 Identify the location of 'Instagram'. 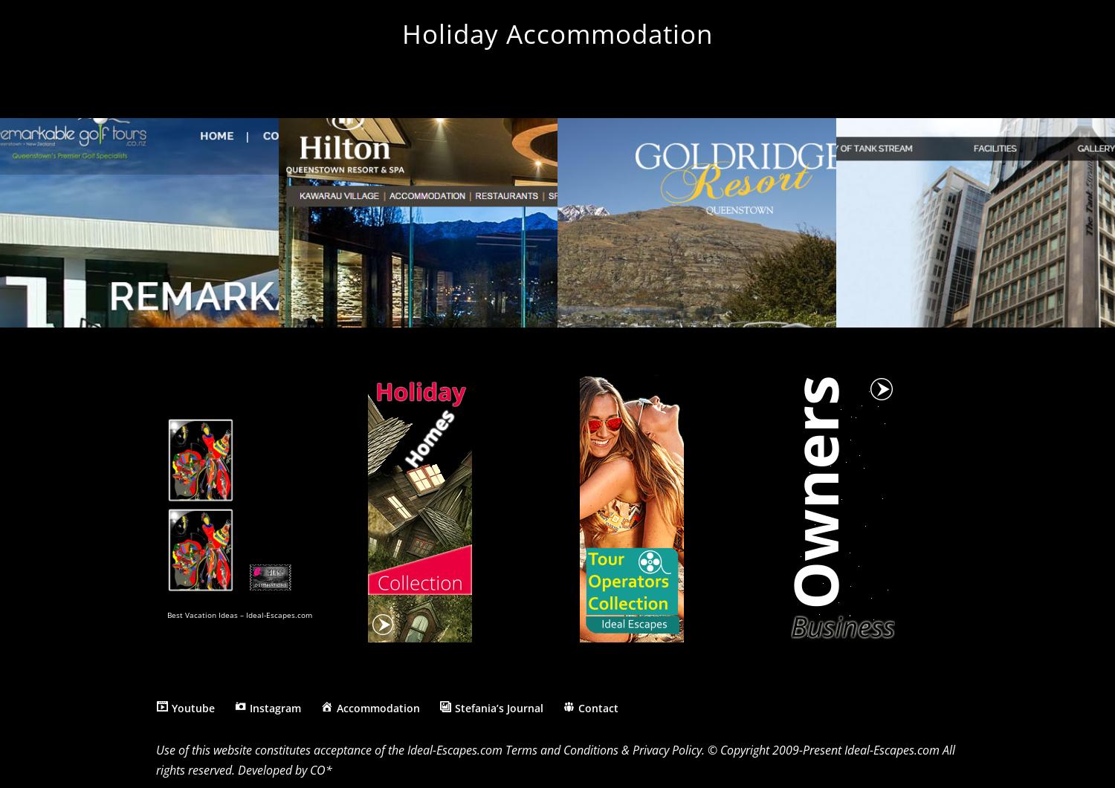
(274, 706).